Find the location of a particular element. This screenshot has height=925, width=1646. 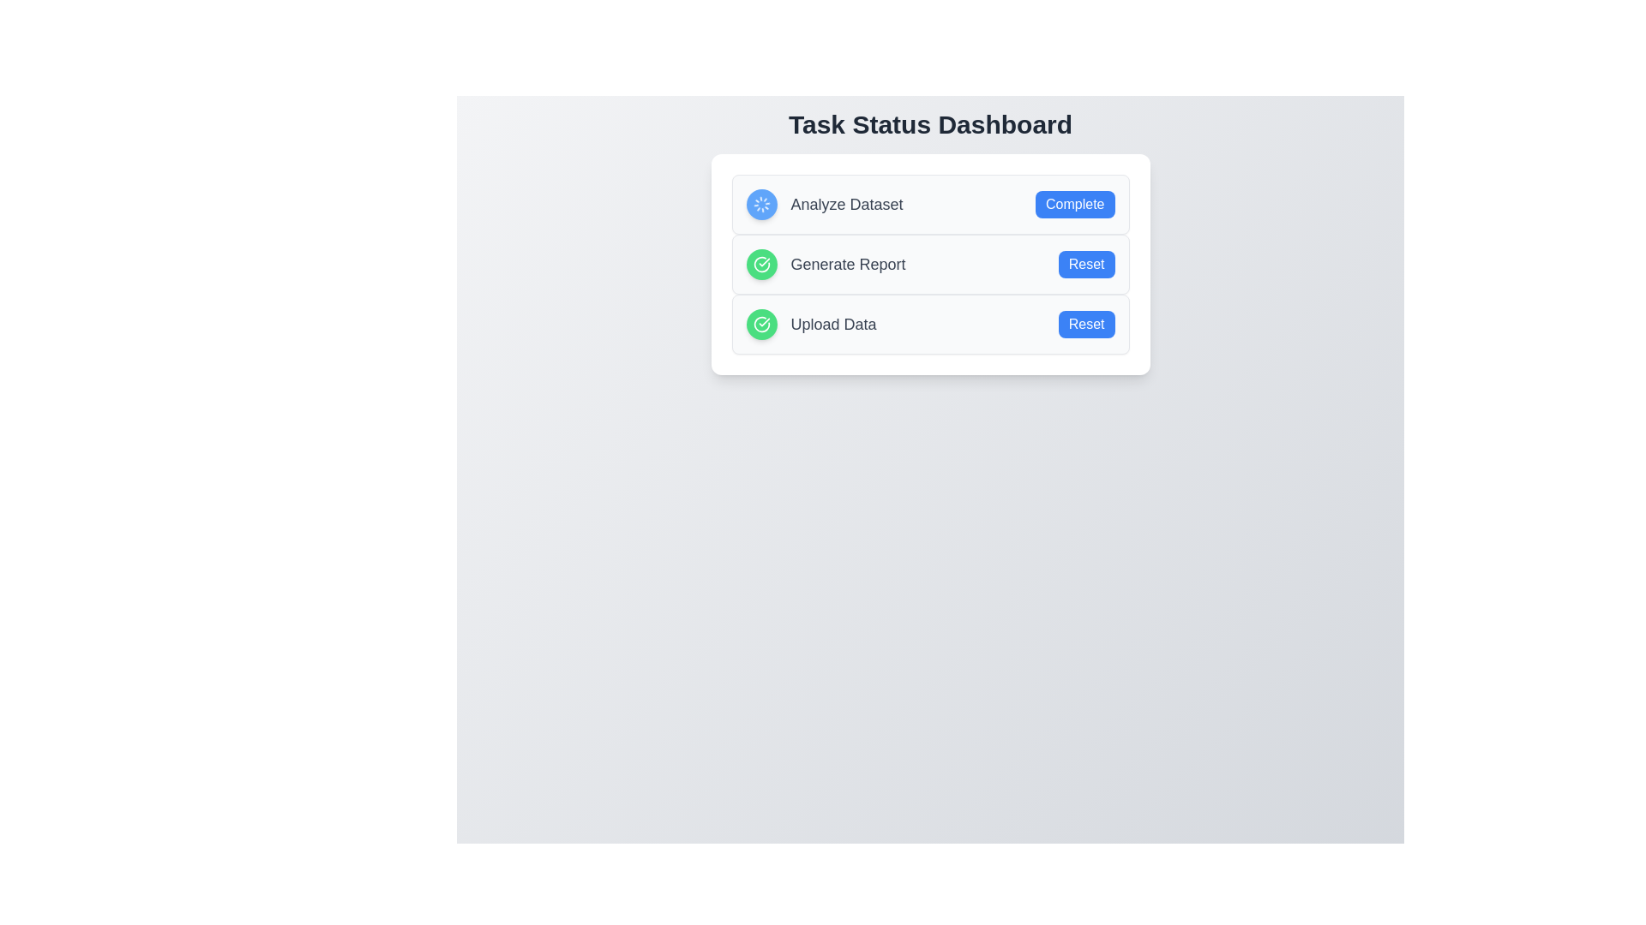

the composite element 'Upload Data' which consists of a green circular icon with a checkmark and medium gray text label from its position in the bottom row of the list is located at coordinates (810, 324).